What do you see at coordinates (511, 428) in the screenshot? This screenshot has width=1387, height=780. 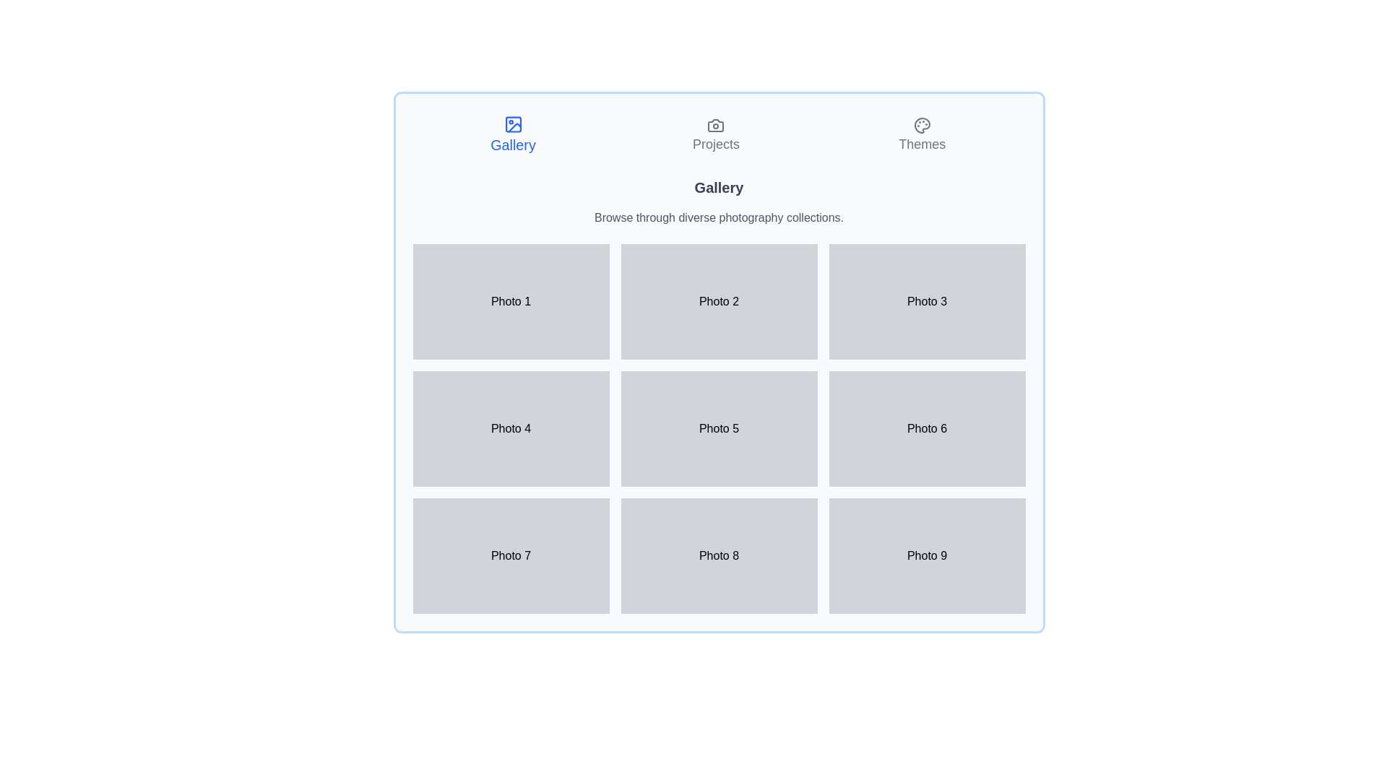 I see `the static label indicating 'Photo 4', which is located in the second row and first column of a 3x3 grid layout, positioned below 'Photo 1' and to the left of 'Photo 5'` at bounding box center [511, 428].